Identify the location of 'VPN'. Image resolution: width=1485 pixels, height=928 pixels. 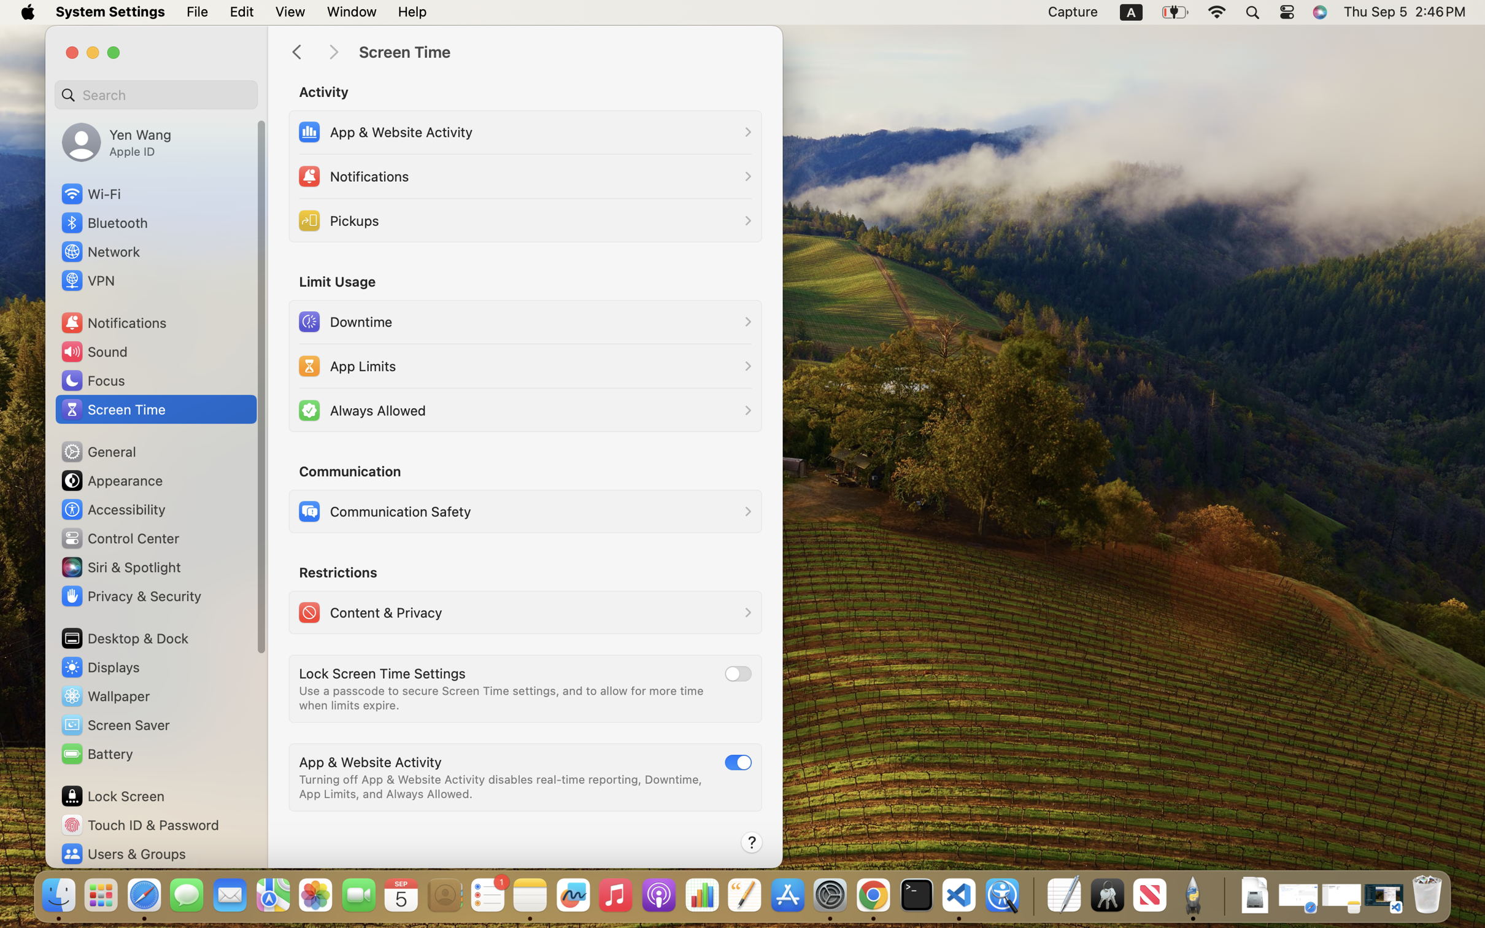
(87, 280).